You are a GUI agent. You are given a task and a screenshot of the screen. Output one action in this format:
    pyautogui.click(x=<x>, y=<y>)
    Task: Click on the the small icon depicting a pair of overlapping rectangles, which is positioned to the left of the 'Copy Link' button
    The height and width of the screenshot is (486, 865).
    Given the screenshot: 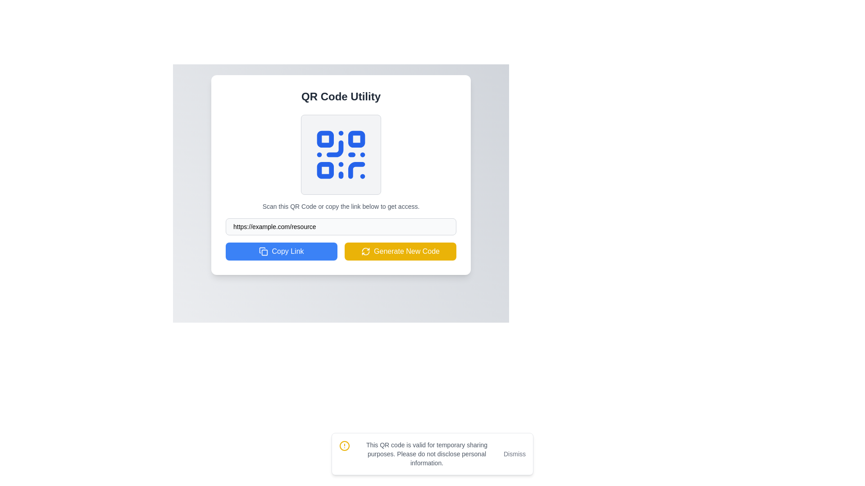 What is the action you would take?
    pyautogui.click(x=263, y=252)
    